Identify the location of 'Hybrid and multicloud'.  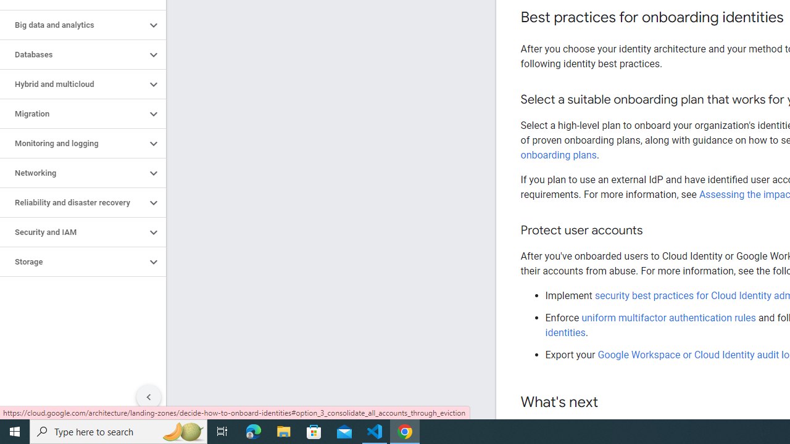
(72, 84).